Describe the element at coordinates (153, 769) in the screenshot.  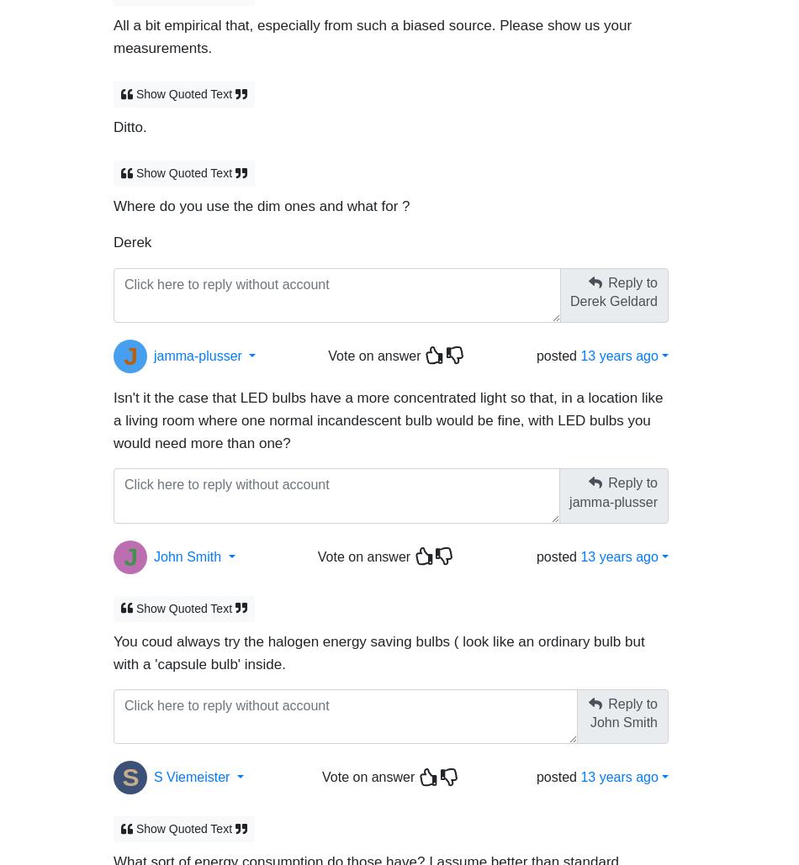
I see `'S Viemeister'` at that location.